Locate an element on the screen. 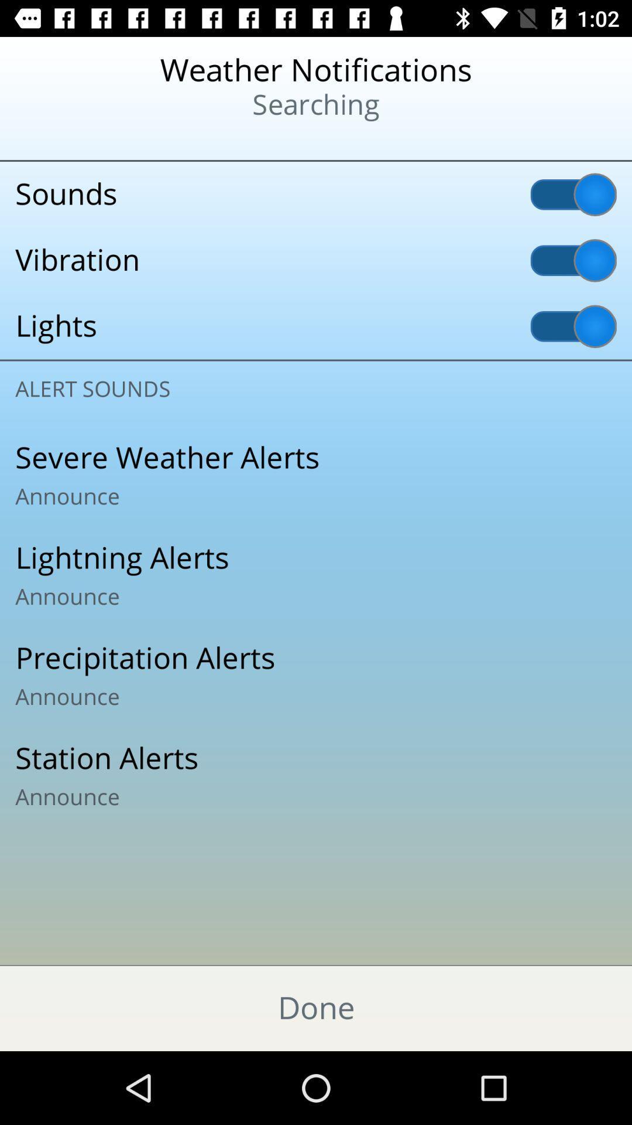  the lights item is located at coordinates (316, 326).